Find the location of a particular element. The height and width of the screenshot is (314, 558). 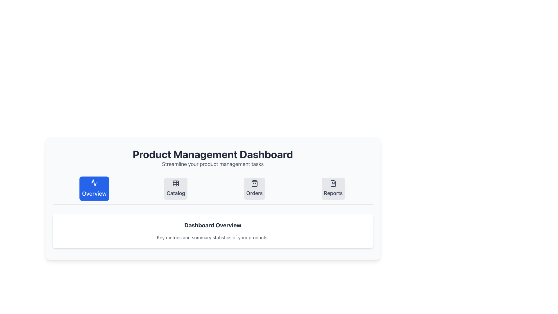

the 'Catalog' text label, which is located in the second segment from the left in the menu items at the top of the interface is located at coordinates (176, 193).